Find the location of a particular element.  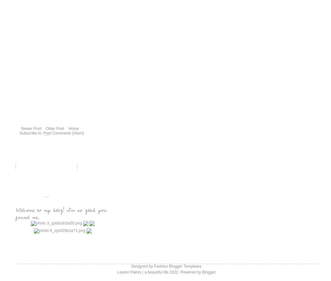

'Blogger' is located at coordinates (208, 272).